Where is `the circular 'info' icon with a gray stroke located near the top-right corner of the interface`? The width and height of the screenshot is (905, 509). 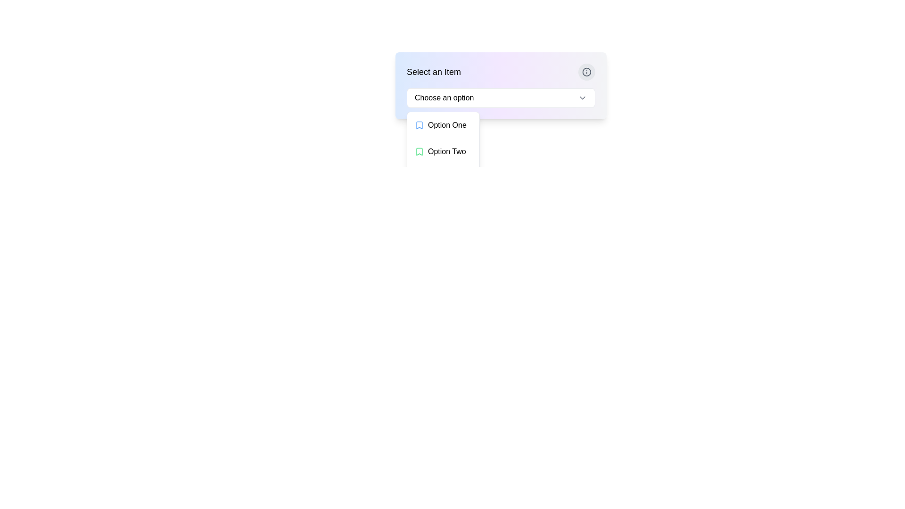 the circular 'info' icon with a gray stroke located near the top-right corner of the interface is located at coordinates (586, 72).